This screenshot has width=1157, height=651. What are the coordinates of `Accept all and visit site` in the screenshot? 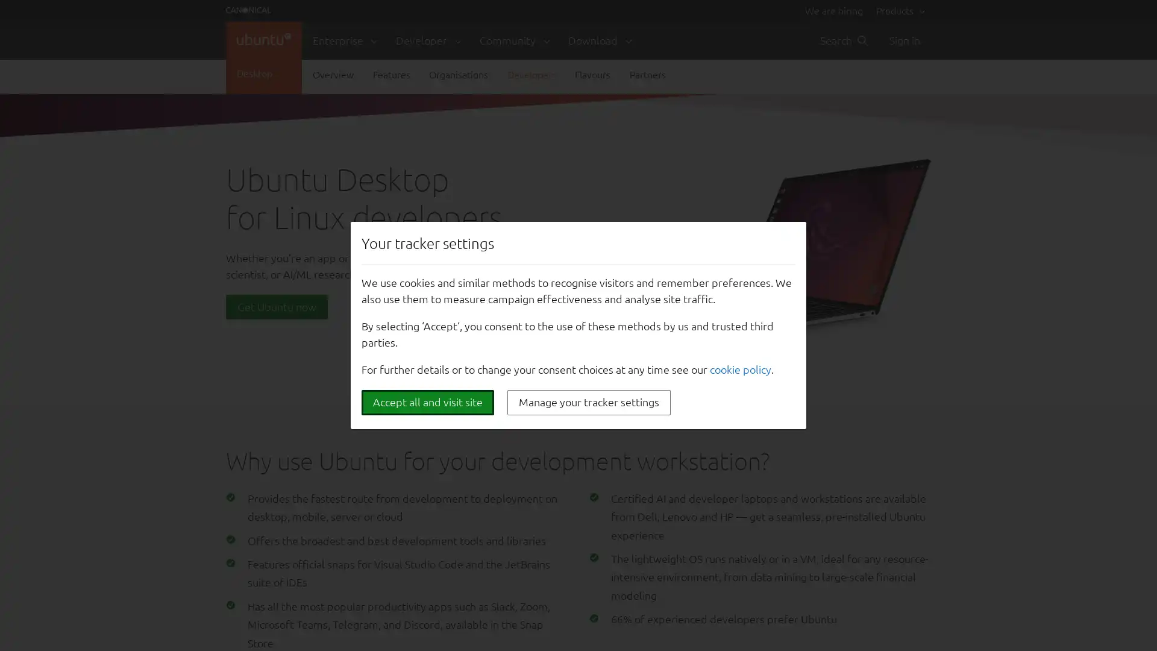 It's located at (428, 402).